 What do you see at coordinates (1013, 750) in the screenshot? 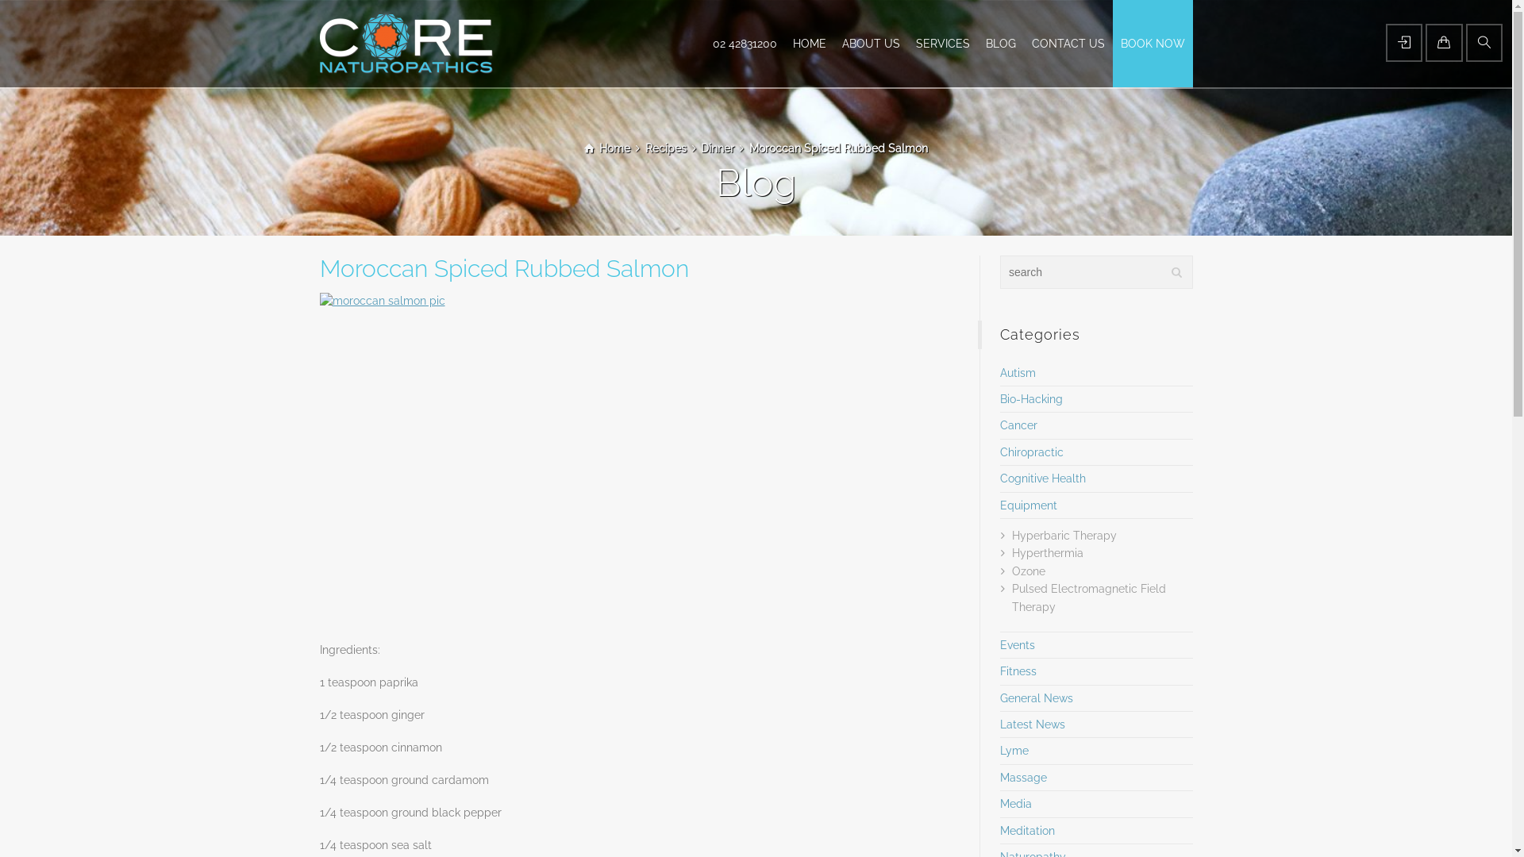
I see `'Lyme'` at bounding box center [1013, 750].